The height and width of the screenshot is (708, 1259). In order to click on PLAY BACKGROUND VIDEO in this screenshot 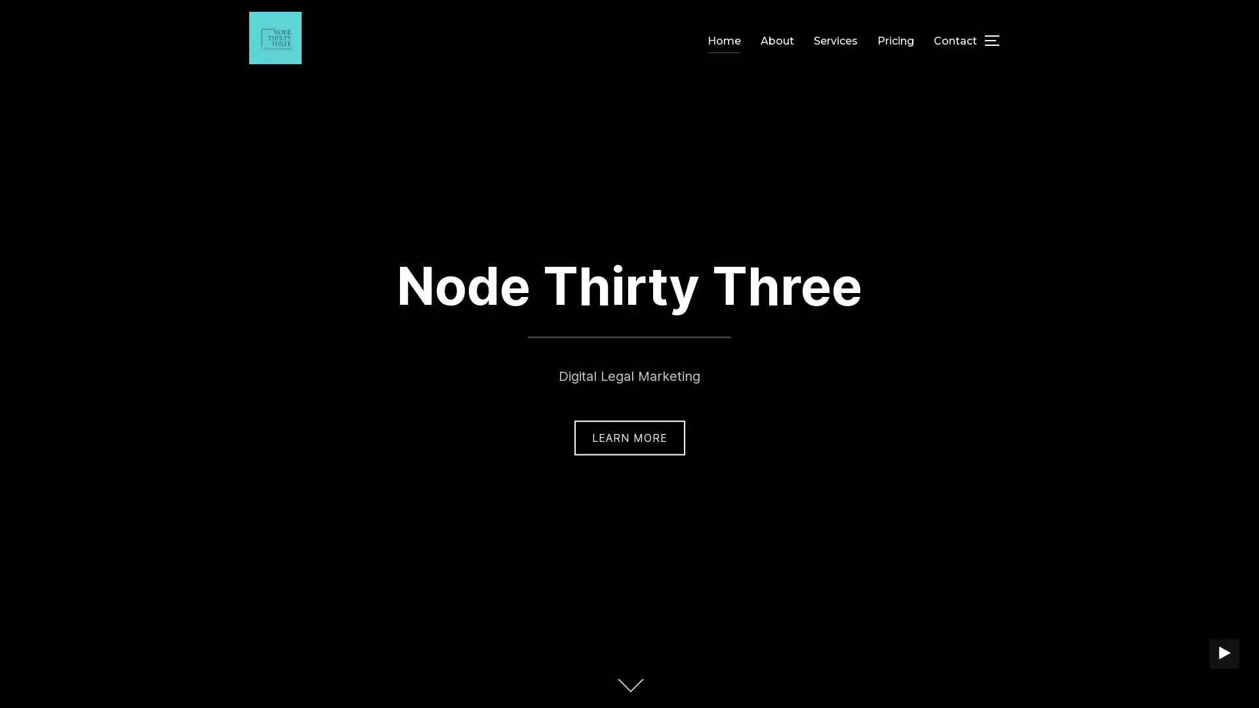, I will do `click(1224, 654)`.